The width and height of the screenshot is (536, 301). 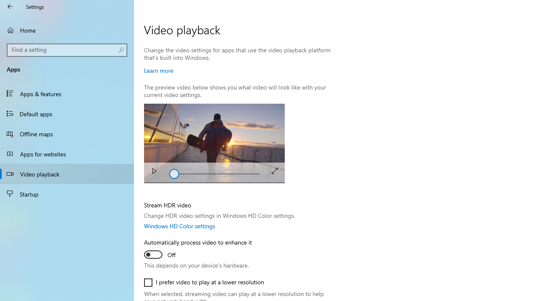 I want to click on 'Startup', so click(x=67, y=194).